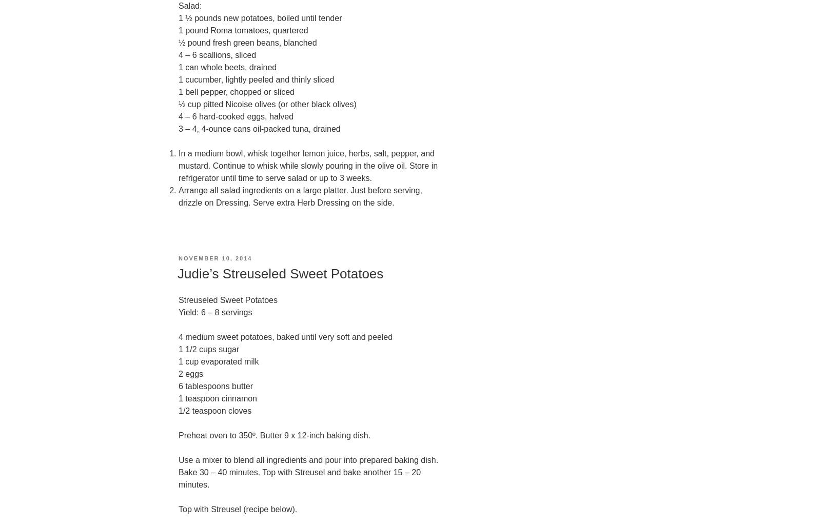 The height and width of the screenshot is (527, 821). Describe the element at coordinates (179, 398) in the screenshot. I see `'1 teaspoon cinnamon'` at that location.